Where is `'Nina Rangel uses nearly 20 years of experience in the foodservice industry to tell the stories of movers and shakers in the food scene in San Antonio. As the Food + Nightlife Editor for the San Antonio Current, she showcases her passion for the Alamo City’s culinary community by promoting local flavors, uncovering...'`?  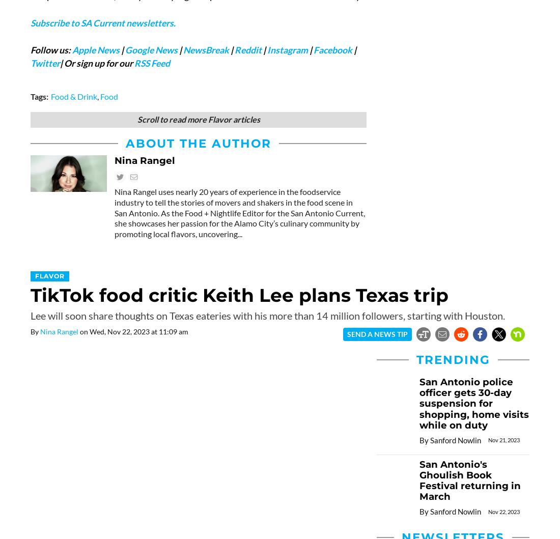
'Nina Rangel uses nearly 20 years of experience in the foodservice industry to tell the stories of movers and shakers in the food scene in San Antonio. As the Food + Nightlife Editor for the San Antonio Current, she showcases her passion for the Alamo City’s culinary community by promoting local flavors, uncovering...' is located at coordinates (114, 212).